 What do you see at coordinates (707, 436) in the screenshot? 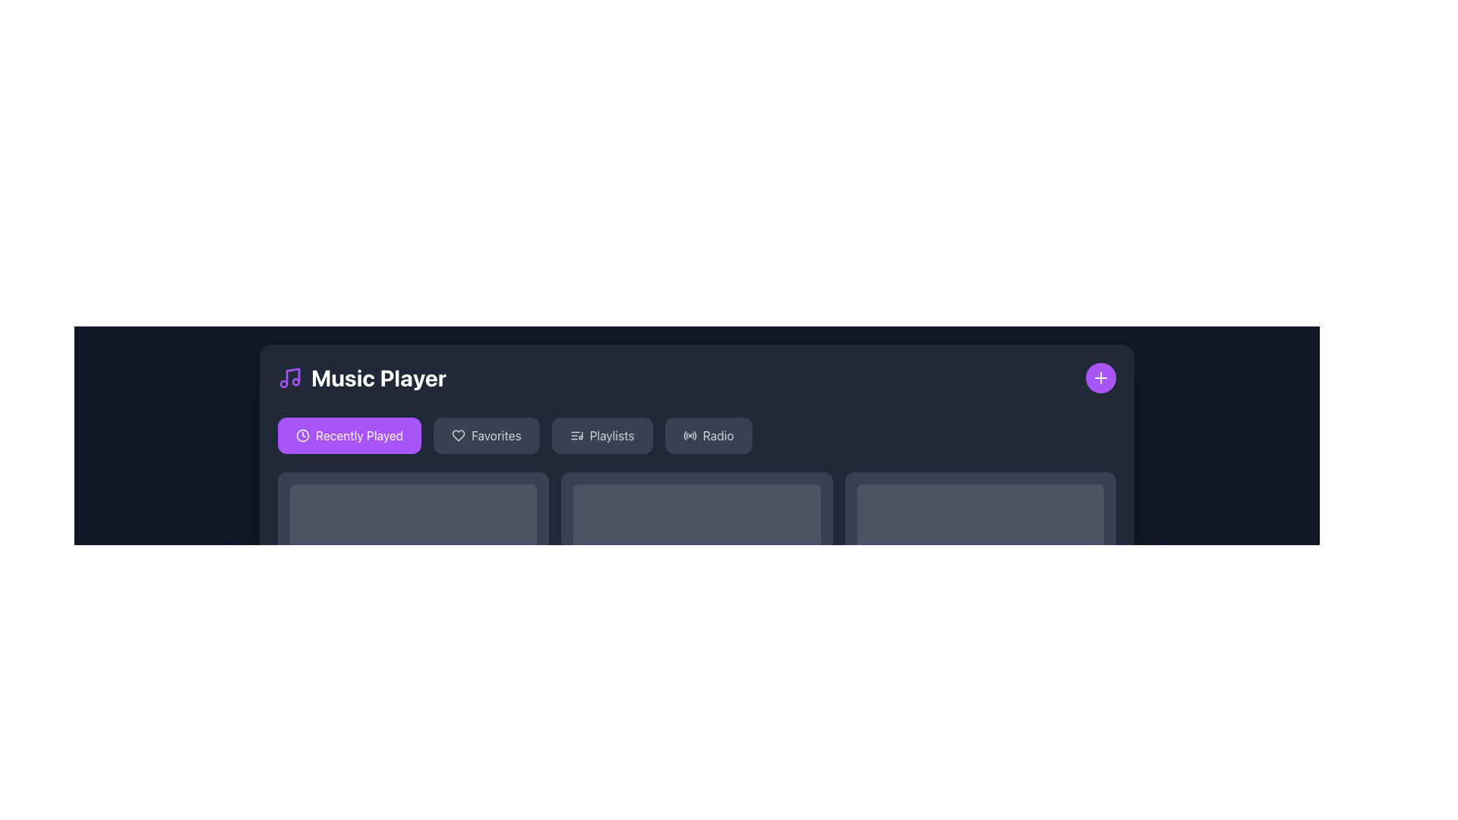
I see `the 'Radio' button, which has a rectangular shape with a dark gray background and light gray text and icon, located to the right of the 'Playlists' button` at bounding box center [707, 436].